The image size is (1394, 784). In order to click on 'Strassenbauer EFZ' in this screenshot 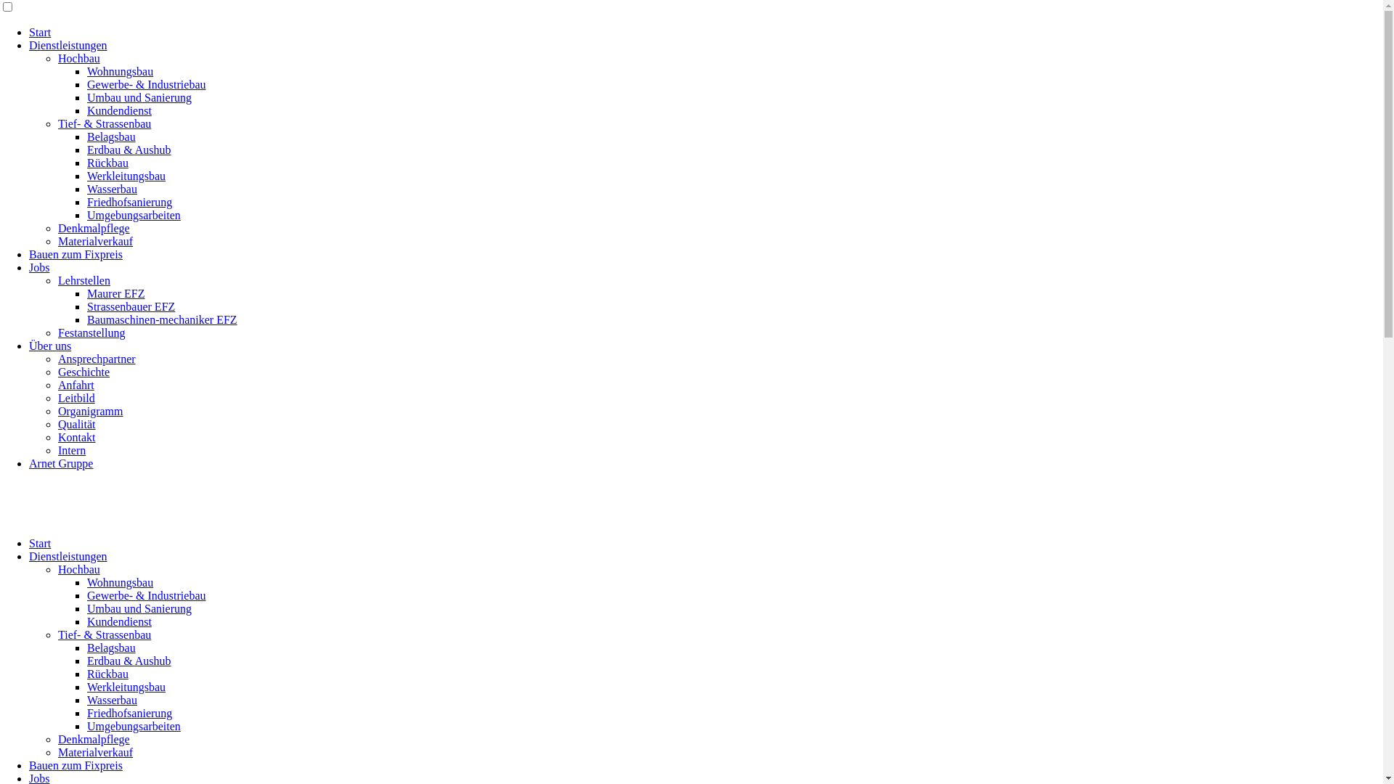, I will do `click(131, 306)`.